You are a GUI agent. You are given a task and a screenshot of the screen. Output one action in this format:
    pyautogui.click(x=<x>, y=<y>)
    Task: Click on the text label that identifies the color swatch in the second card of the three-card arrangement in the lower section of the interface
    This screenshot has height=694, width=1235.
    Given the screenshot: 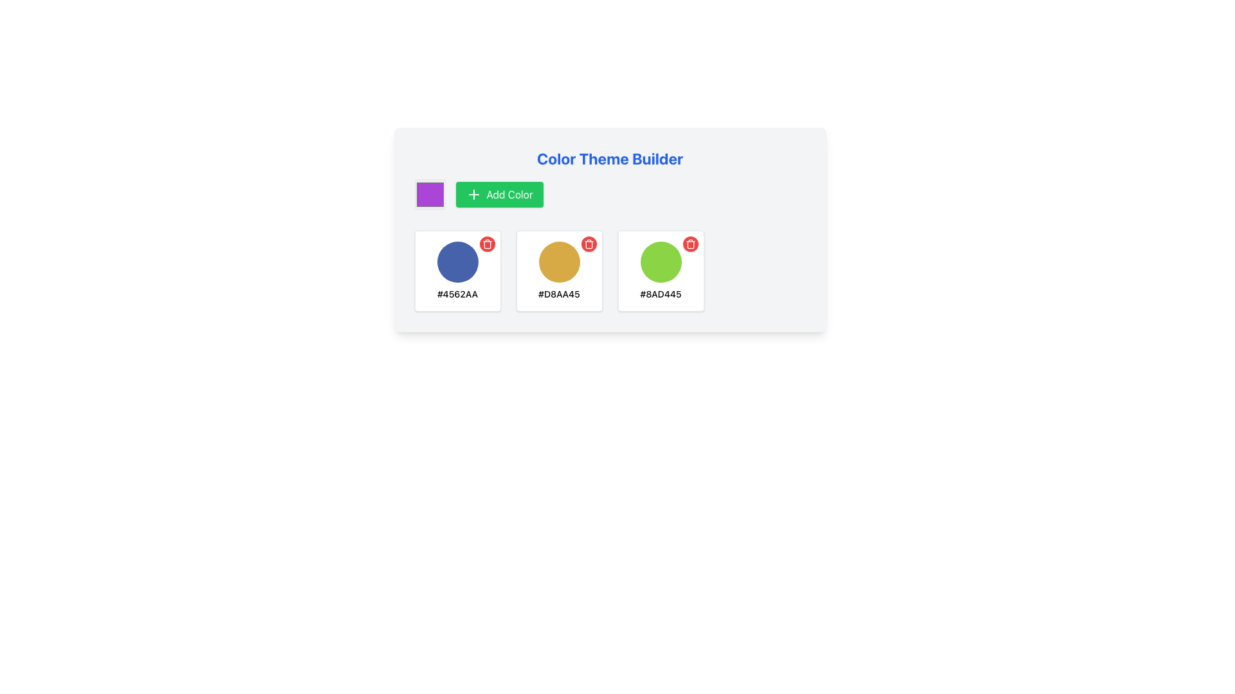 What is the action you would take?
    pyautogui.click(x=559, y=294)
    